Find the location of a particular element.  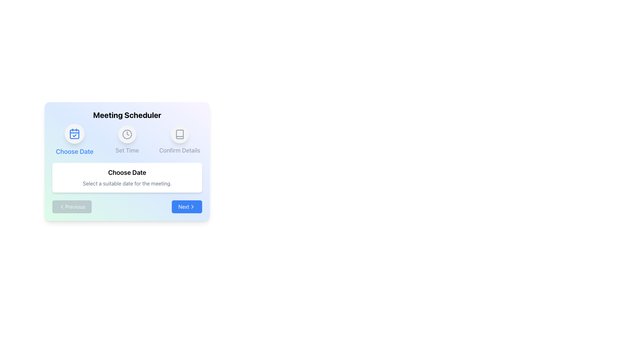

the informational block header for the 'Choose Date' step in the meeting scheduler interface, located at the center beneath the icons for 'Choose Date', 'Set Time', and 'Confirm Details.' is located at coordinates (127, 178).